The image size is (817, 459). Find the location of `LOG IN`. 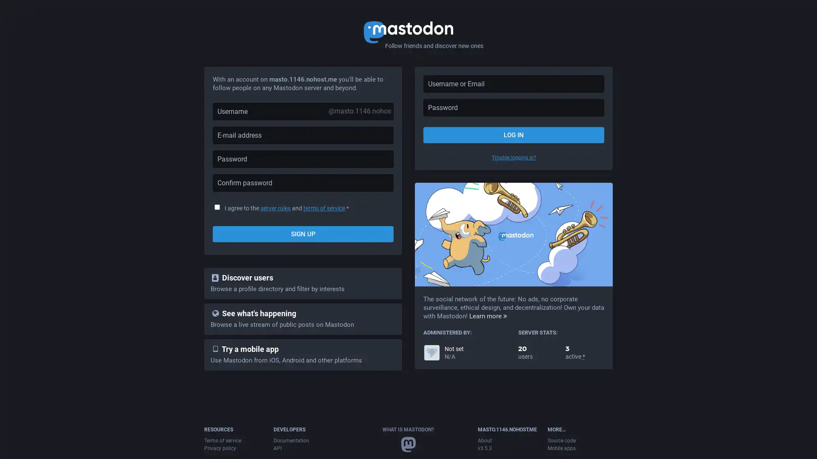

LOG IN is located at coordinates (513, 134).